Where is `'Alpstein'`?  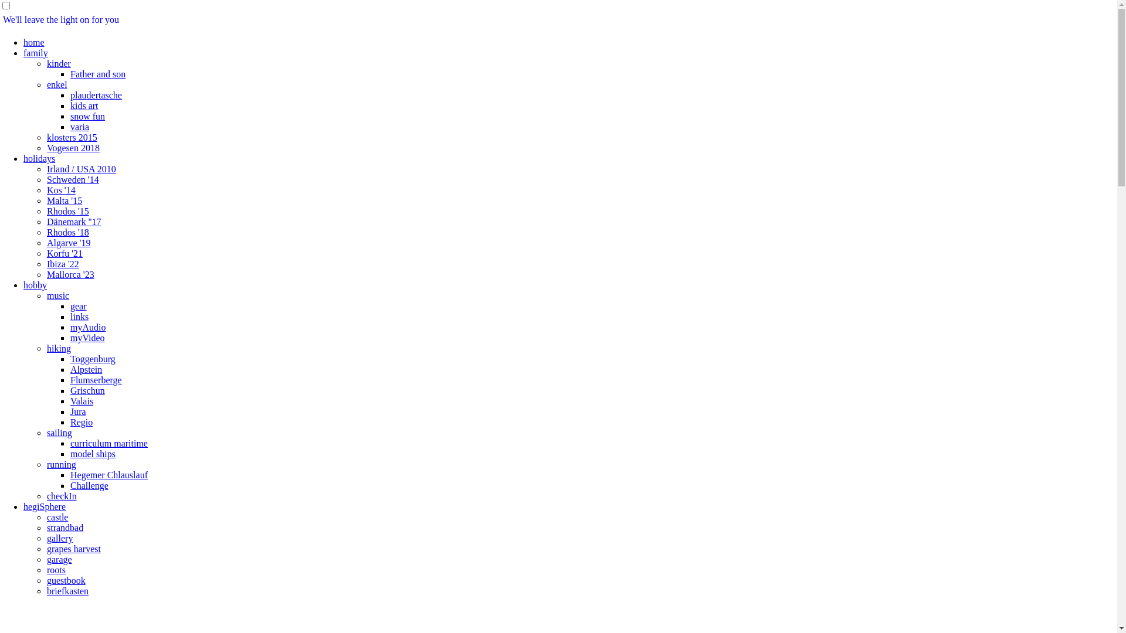 'Alpstein' is located at coordinates (86, 369).